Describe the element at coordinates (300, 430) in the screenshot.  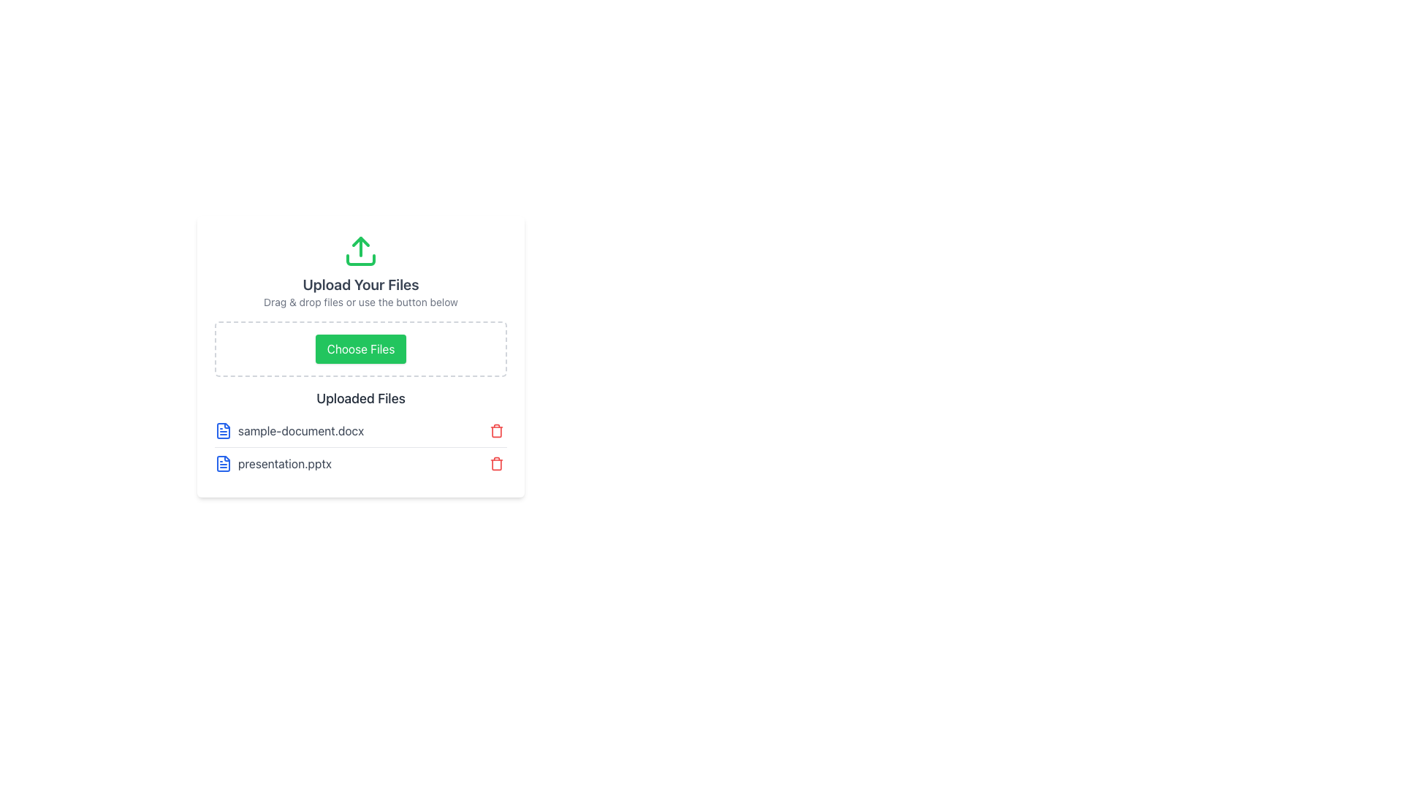
I see `the label representing the name of the uploaded file in the 'Uploaded Files' section, located between the blue file icon and the red trash bin icon` at that location.